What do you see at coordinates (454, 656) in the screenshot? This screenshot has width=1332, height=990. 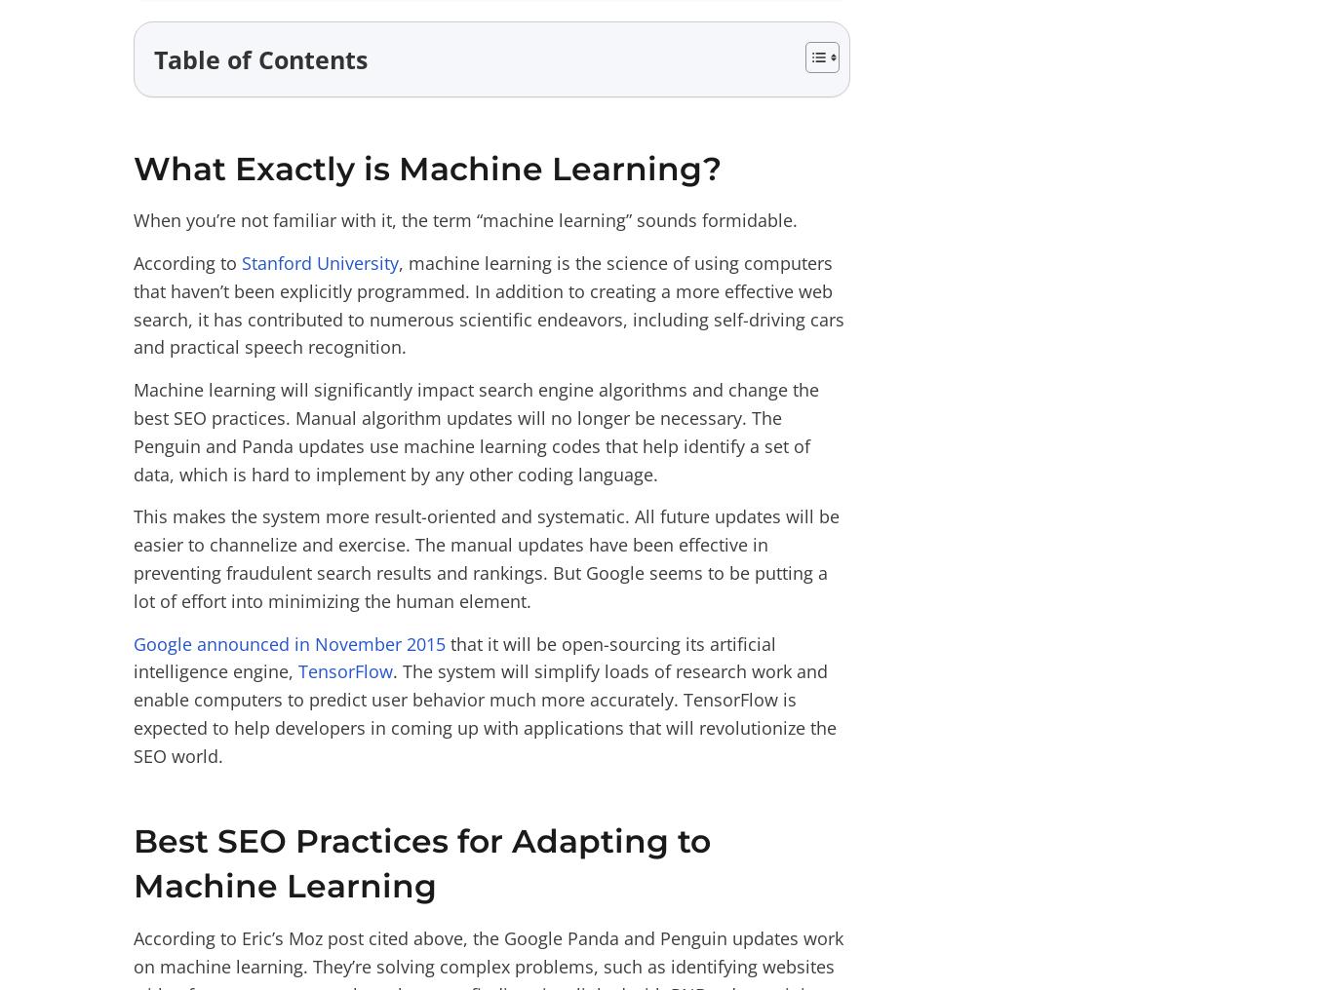 I see `'that it will be open-sourcing its artificial intelligence engine,'` at bounding box center [454, 656].